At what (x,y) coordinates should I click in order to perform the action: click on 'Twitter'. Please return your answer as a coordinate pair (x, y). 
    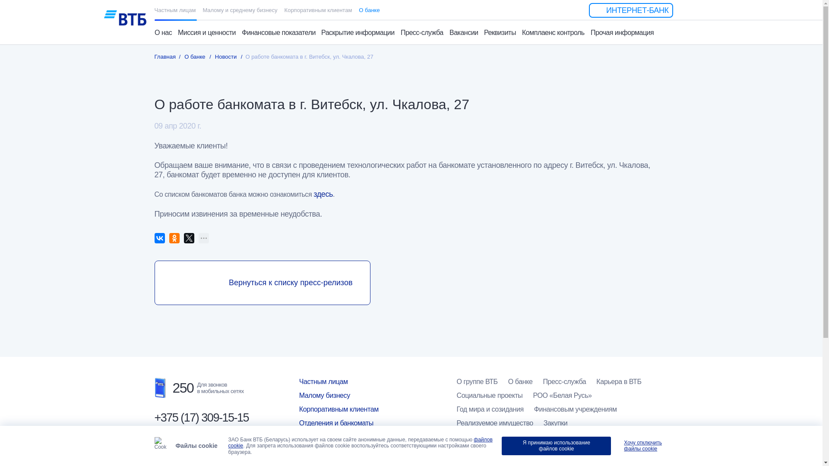
    Looking at the image, I should click on (188, 238).